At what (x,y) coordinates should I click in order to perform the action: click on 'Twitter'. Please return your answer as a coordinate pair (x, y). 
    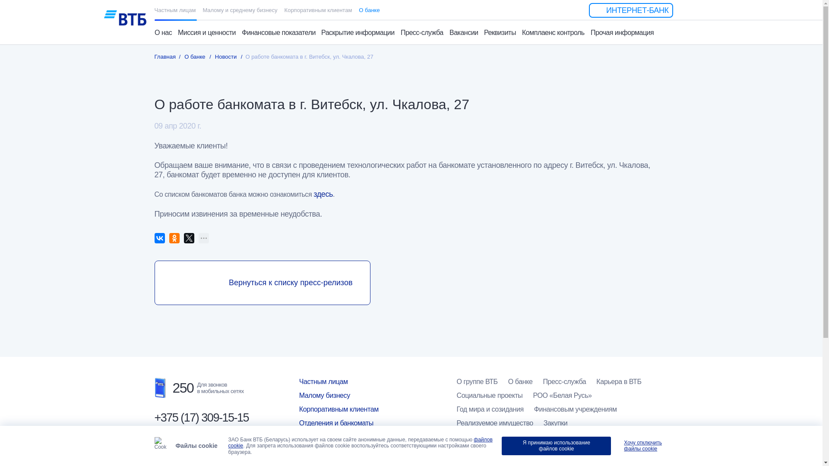
    Looking at the image, I should click on (188, 238).